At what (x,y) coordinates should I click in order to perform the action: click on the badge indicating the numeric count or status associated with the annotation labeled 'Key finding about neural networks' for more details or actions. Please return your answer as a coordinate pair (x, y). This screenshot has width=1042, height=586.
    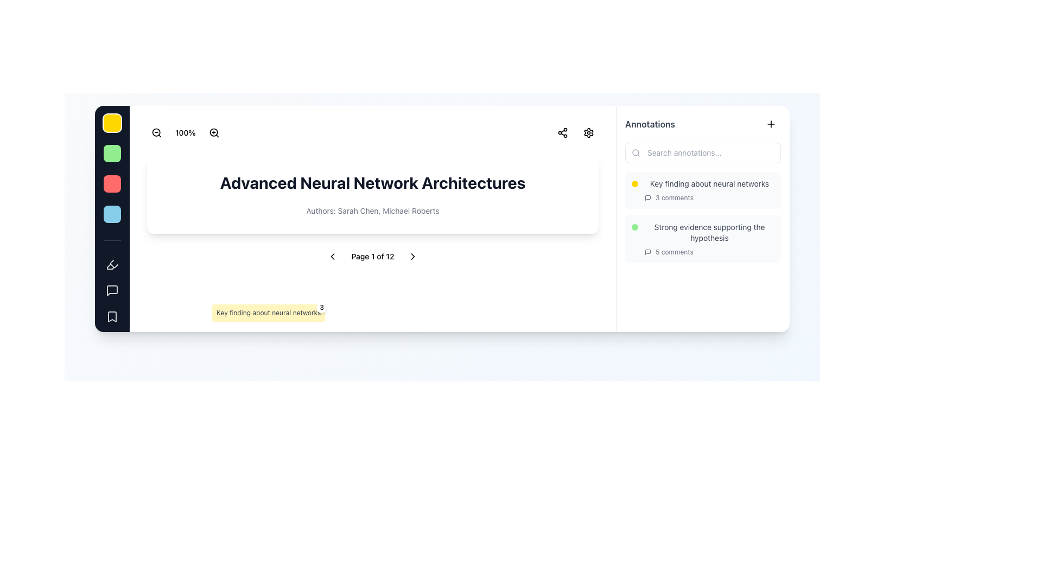
    Looking at the image, I should click on (321, 308).